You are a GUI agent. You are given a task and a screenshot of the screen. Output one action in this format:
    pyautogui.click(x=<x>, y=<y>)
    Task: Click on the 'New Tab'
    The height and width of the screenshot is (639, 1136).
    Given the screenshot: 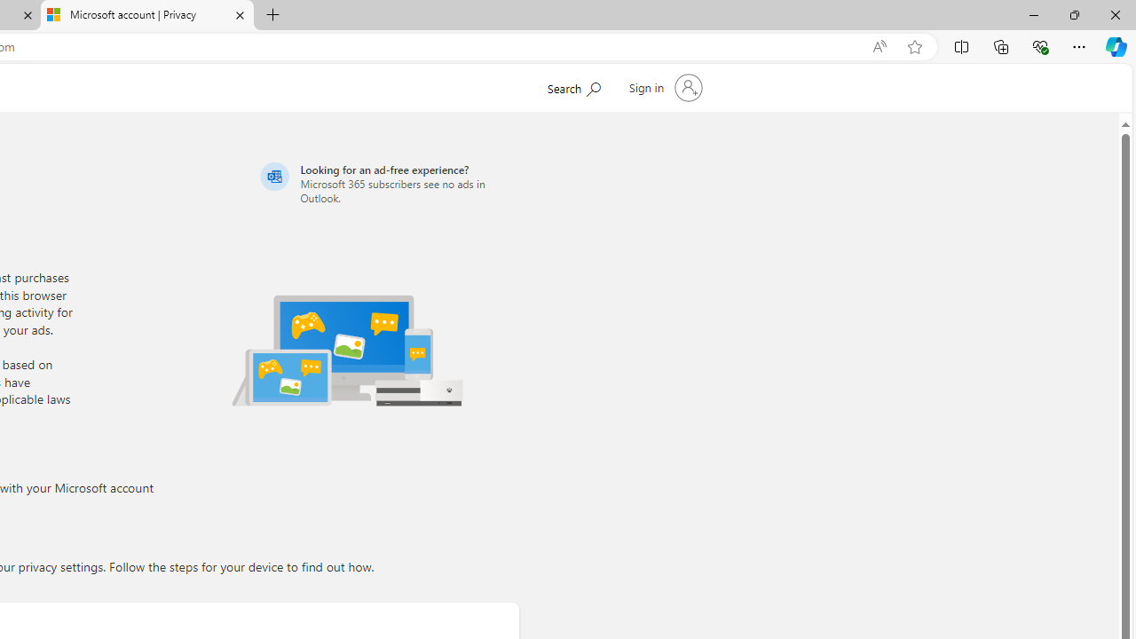 What is the action you would take?
    pyautogui.click(x=272, y=15)
    